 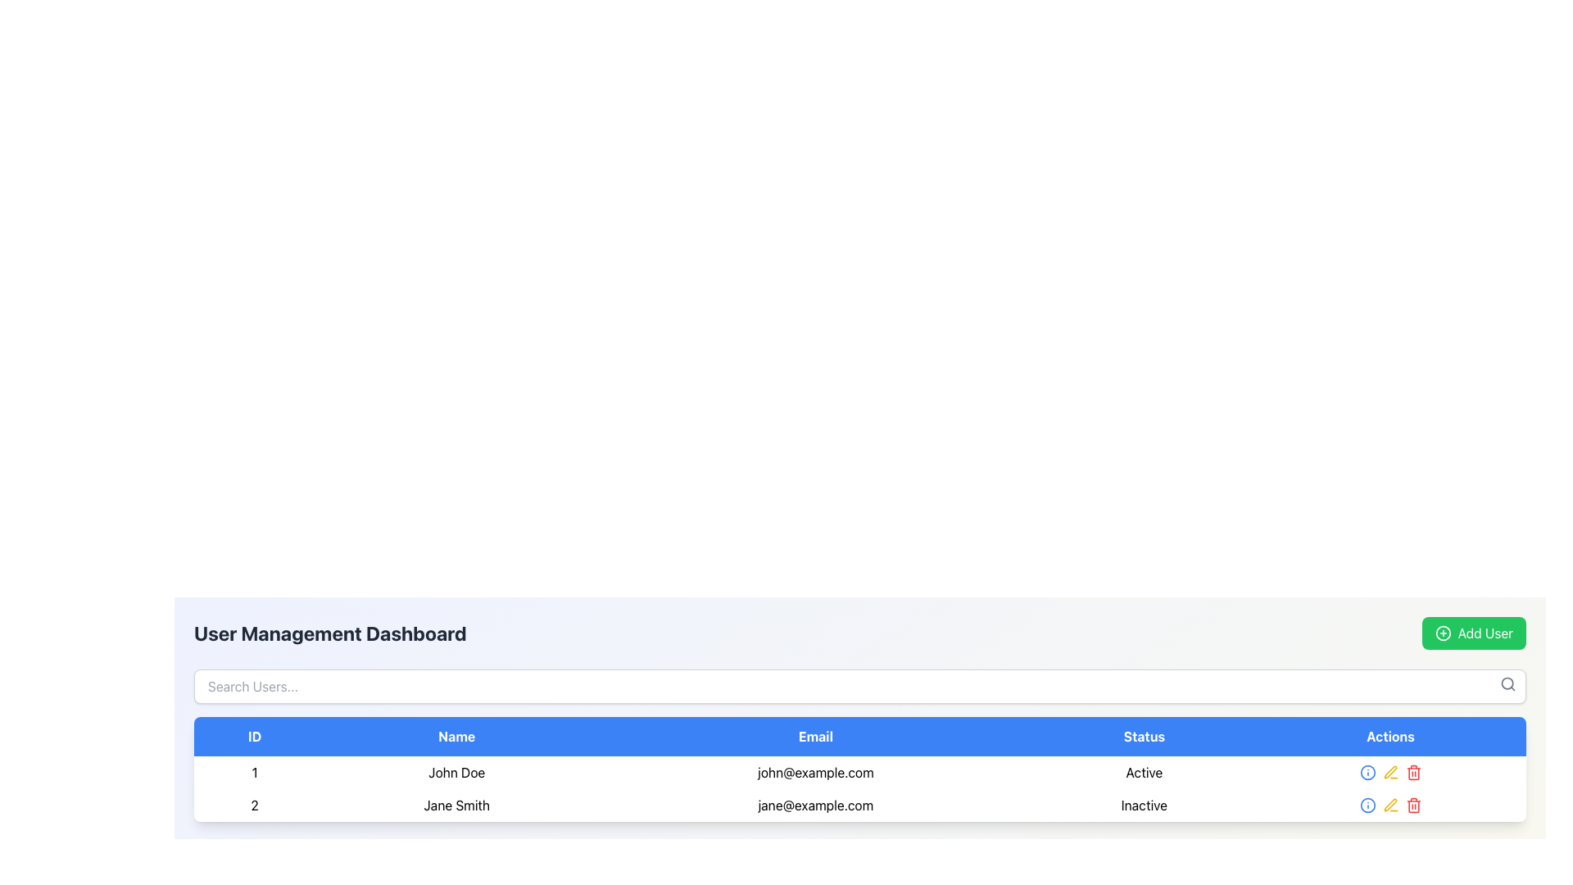 I want to click on text of the blue rectangular label that says 'Email', which is the third header in the table interface, so click(x=815, y=735).